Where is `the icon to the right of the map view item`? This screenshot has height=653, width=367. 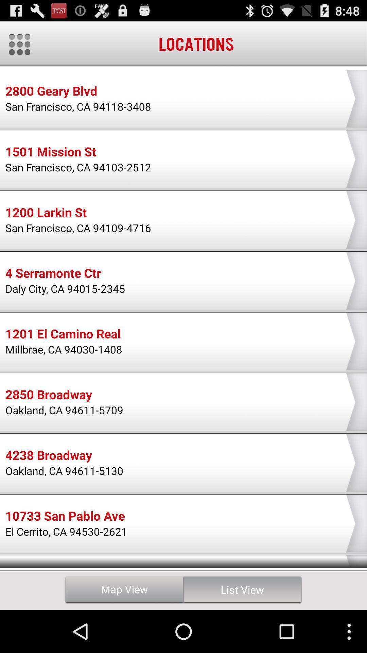
the icon to the right of the map view item is located at coordinates (242, 589).